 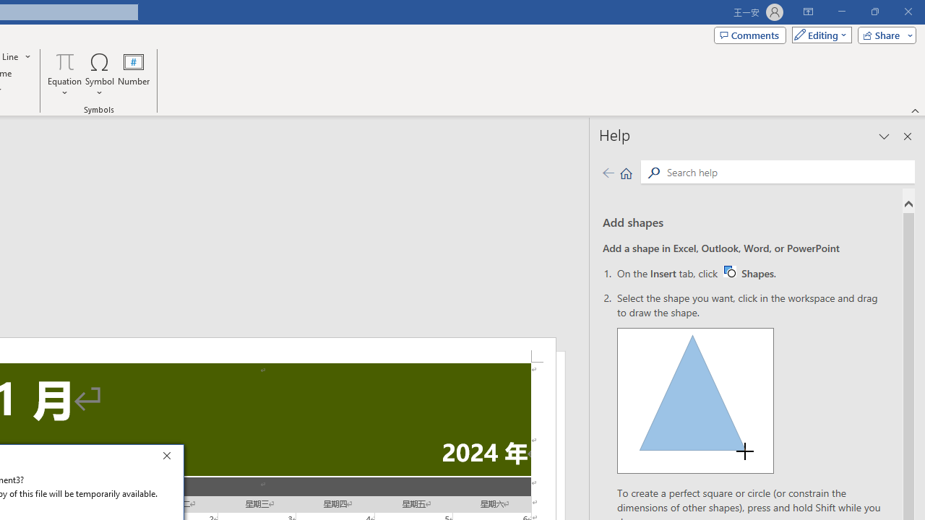 I want to click on 'Symbol', so click(x=99, y=74).